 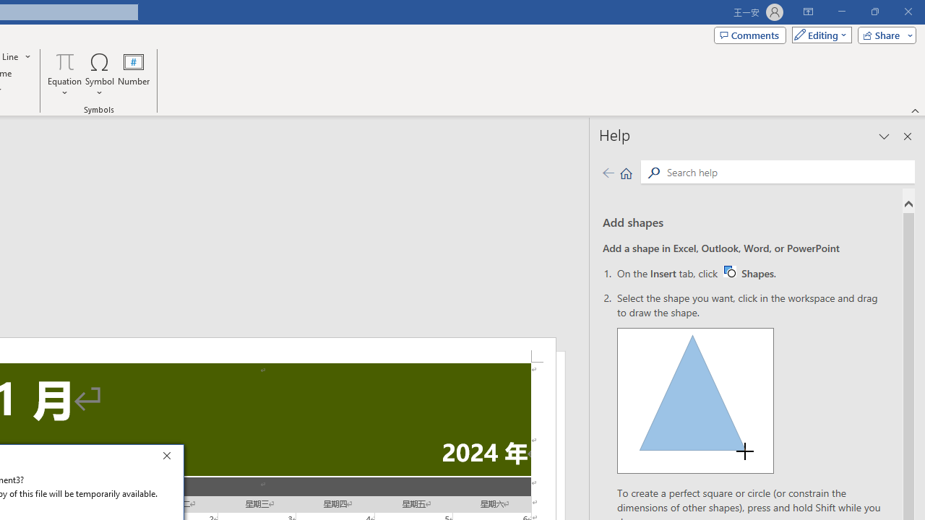 I want to click on 'Symbol', so click(x=99, y=74).